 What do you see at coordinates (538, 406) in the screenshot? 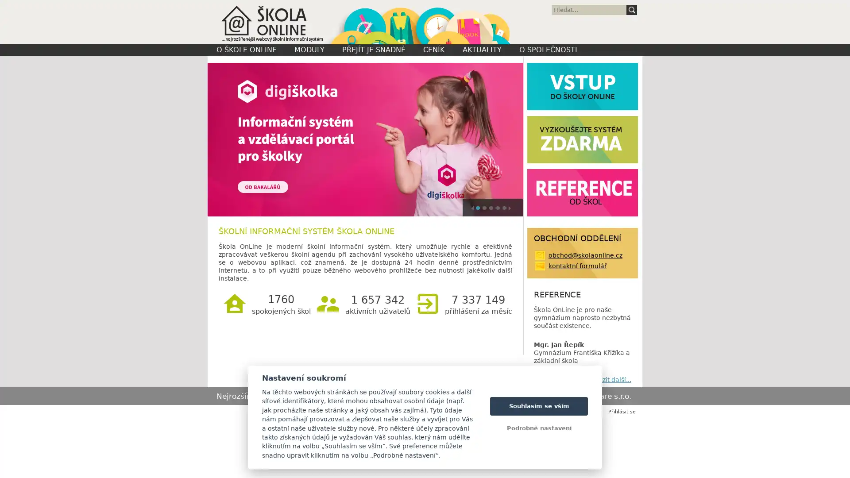
I see `Souhlasim se vsim` at bounding box center [538, 406].